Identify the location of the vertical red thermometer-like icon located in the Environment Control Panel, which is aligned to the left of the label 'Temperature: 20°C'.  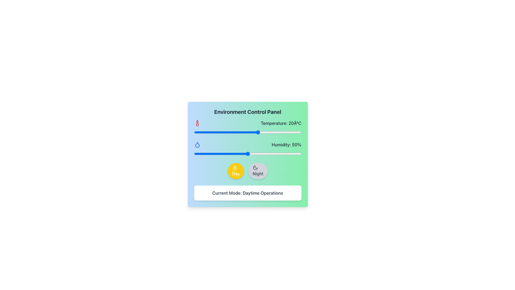
(197, 123).